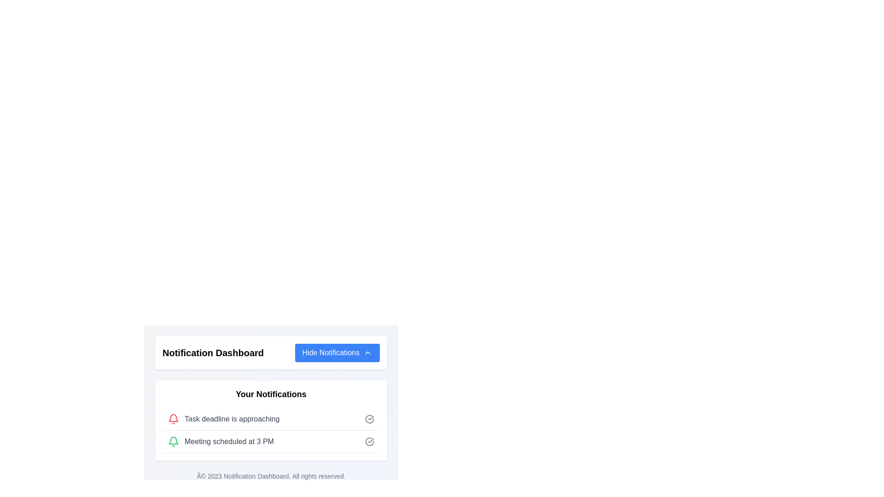  Describe the element at coordinates (271, 431) in the screenshot. I see `the second notification item in the 'Your Notifications' list` at that location.